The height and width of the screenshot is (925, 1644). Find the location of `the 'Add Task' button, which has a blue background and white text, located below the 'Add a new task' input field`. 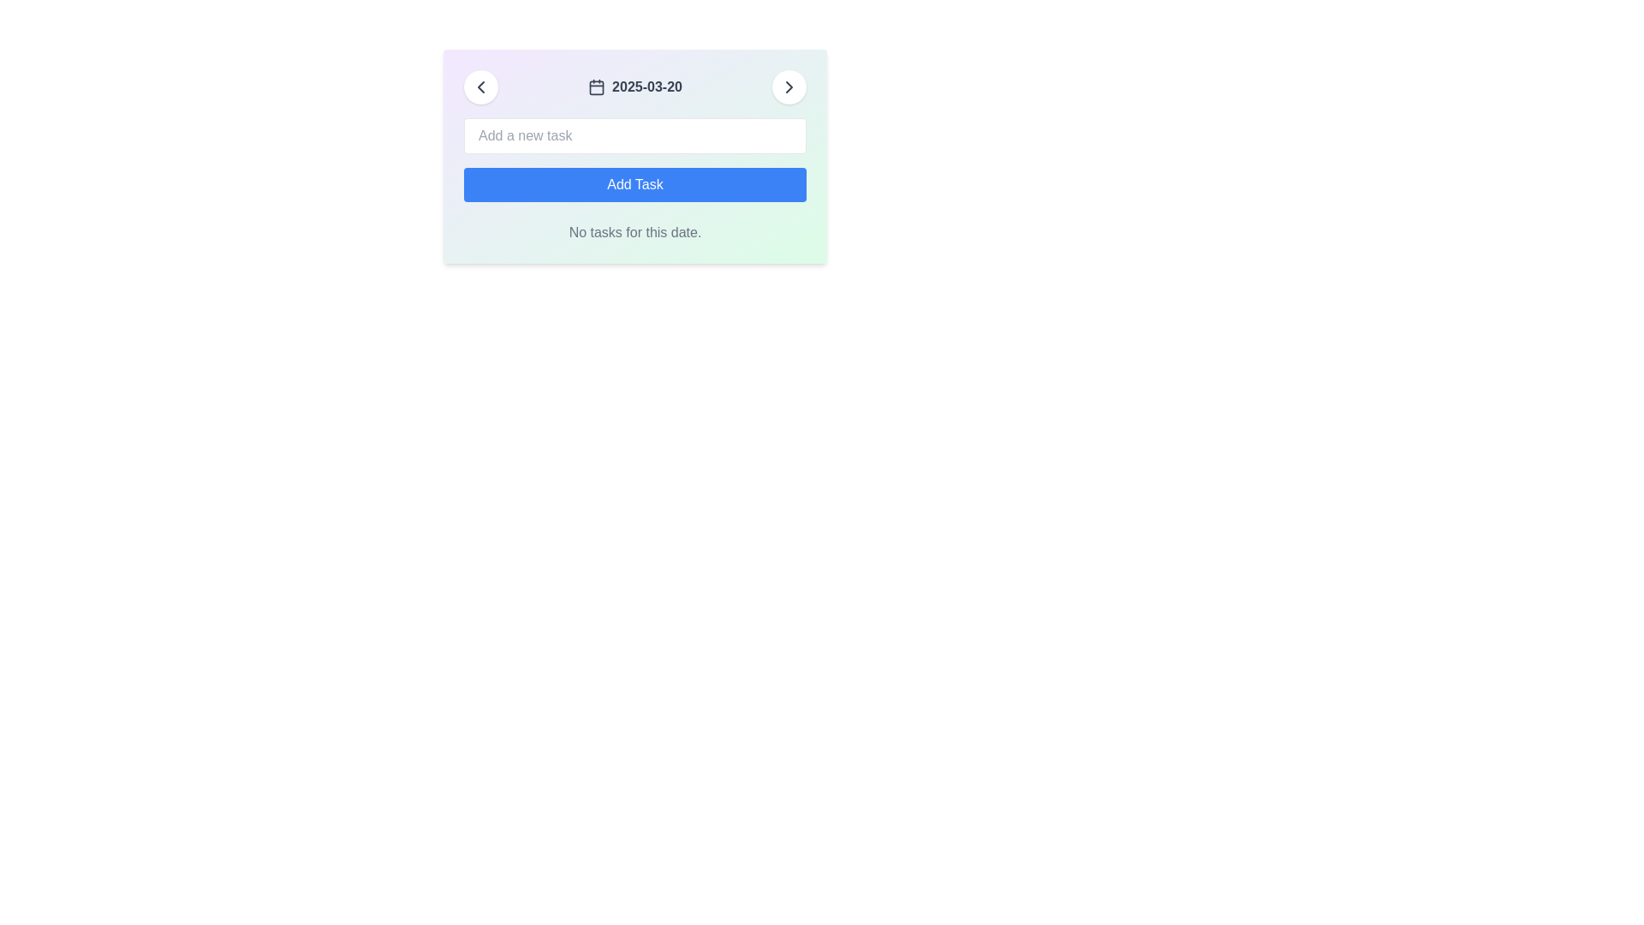

the 'Add Task' button, which has a blue background and white text, located below the 'Add a new task' input field is located at coordinates (634, 185).